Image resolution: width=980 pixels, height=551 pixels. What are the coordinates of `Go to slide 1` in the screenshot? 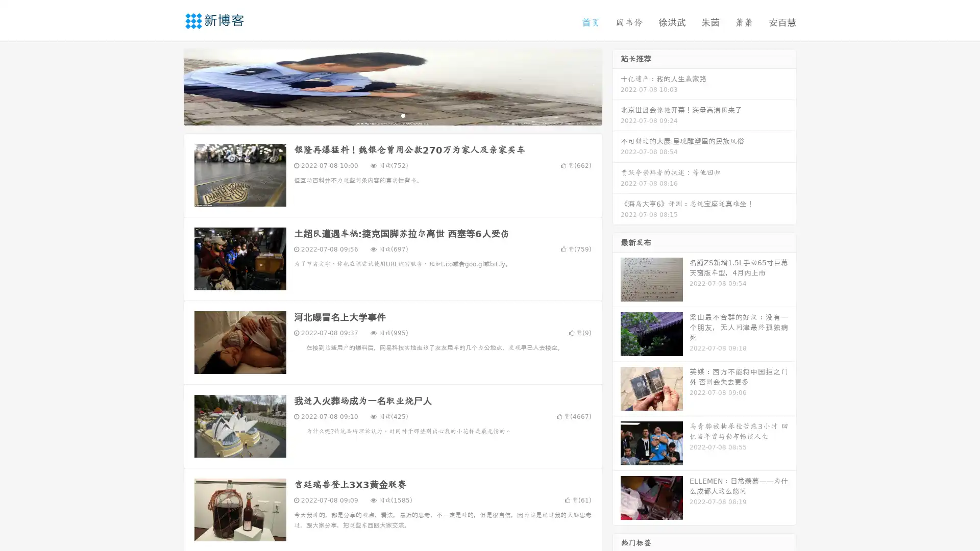 It's located at (382, 115).